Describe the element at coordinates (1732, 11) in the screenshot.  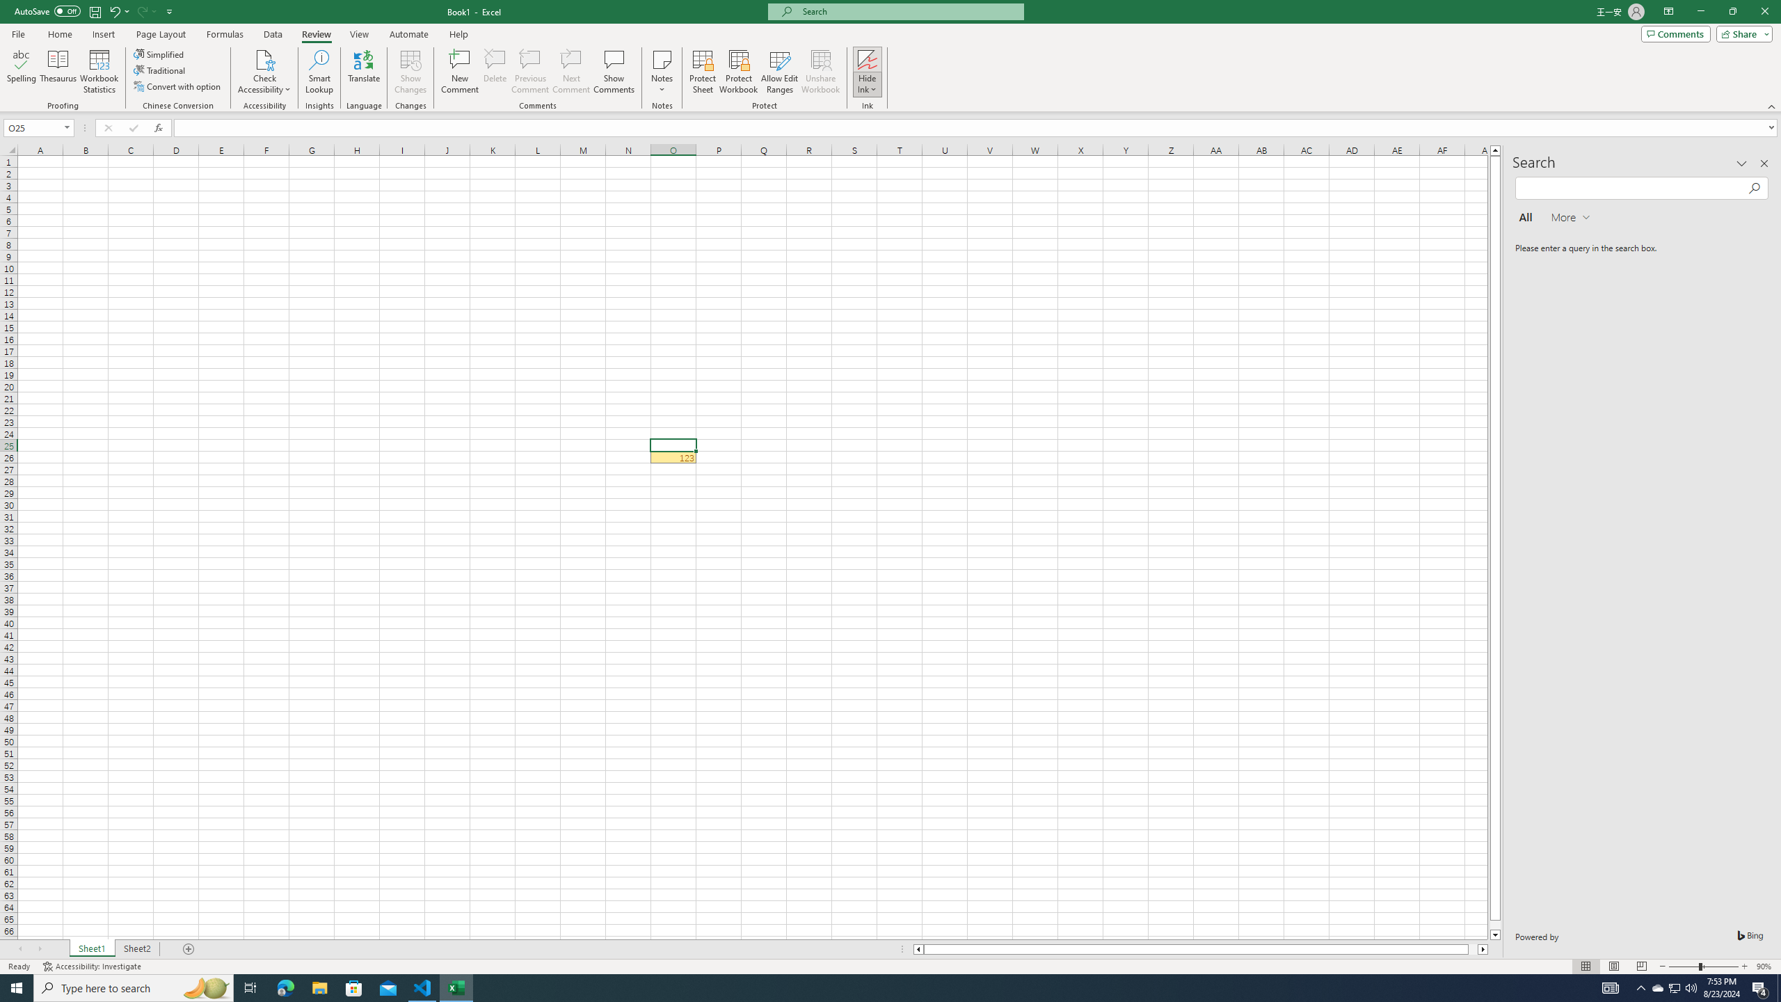
I see `'Restore Down'` at that location.